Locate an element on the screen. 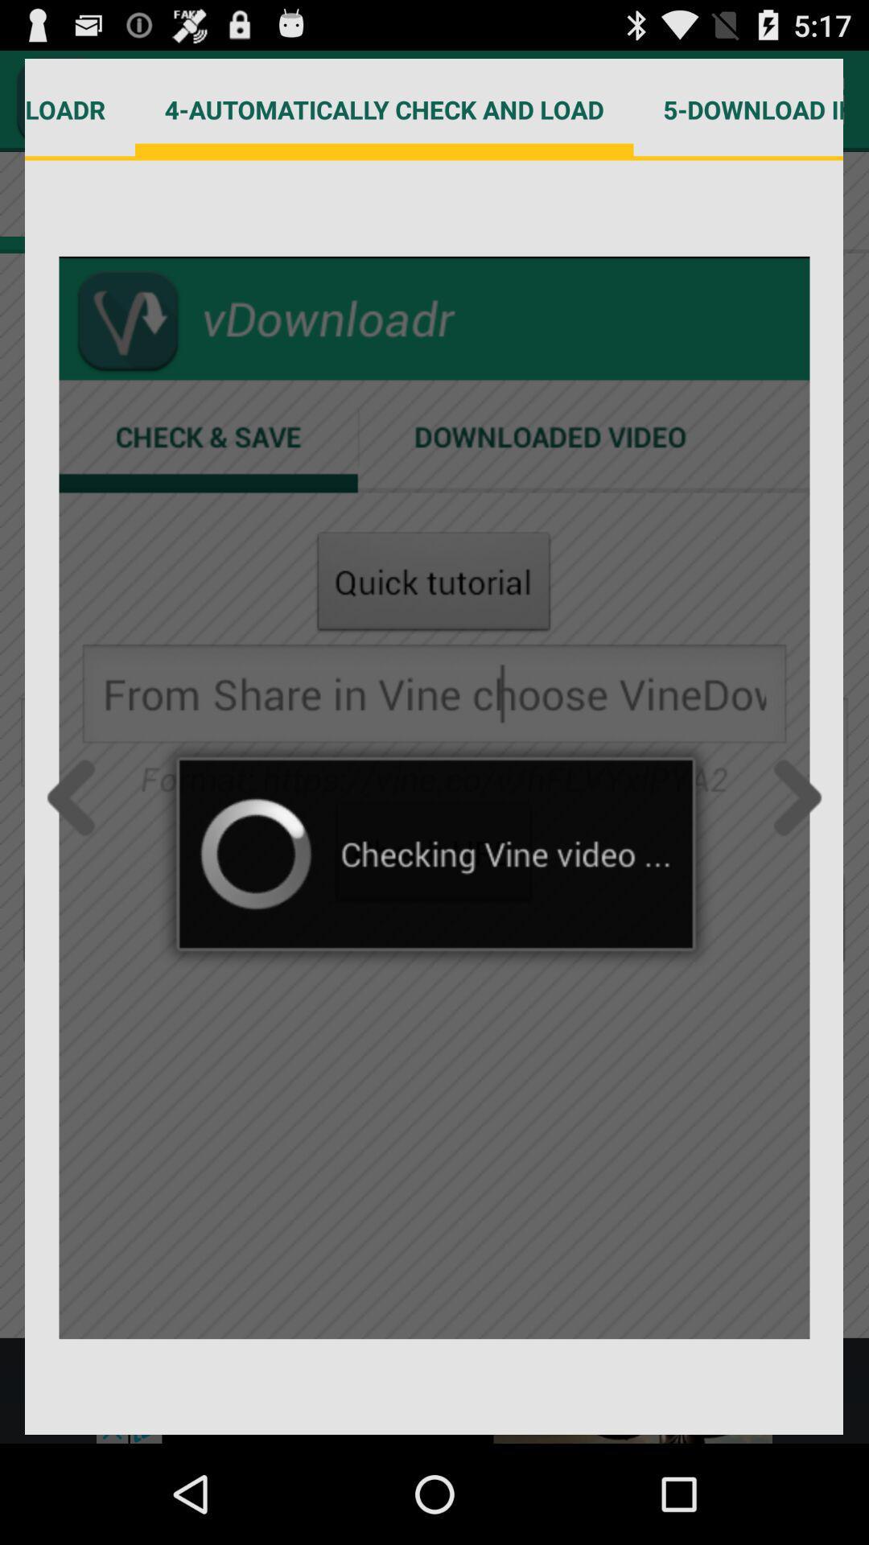 This screenshot has width=869, height=1545. icon next to 3-choose vdownloadr item is located at coordinates (384, 109).